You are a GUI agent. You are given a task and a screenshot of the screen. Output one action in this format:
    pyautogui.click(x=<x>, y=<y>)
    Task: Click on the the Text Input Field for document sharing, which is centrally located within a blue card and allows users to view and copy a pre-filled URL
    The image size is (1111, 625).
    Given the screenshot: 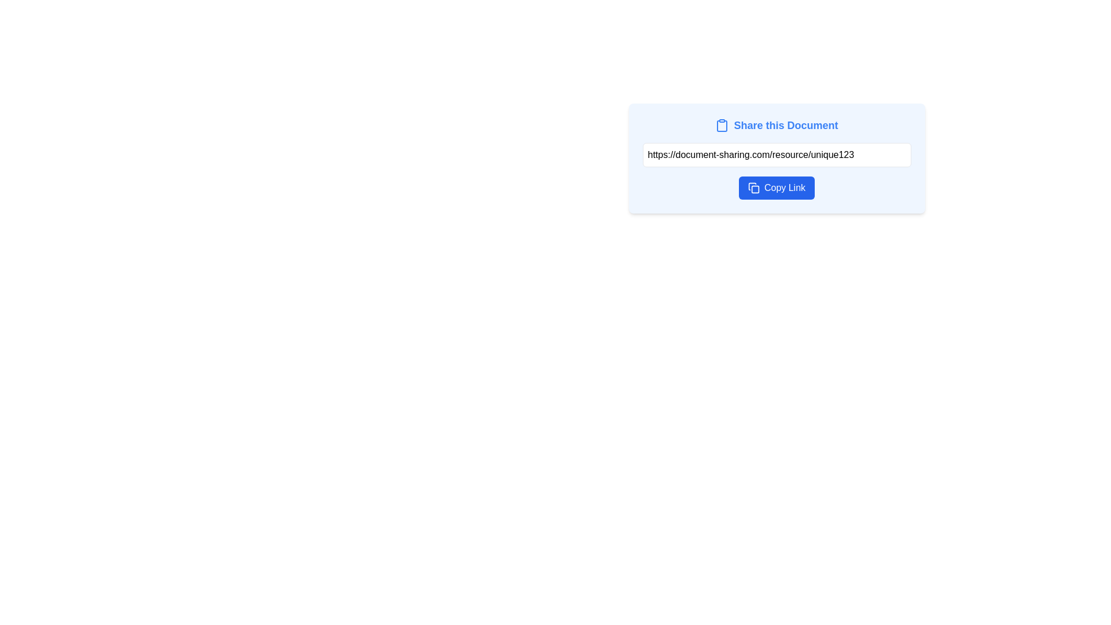 What is the action you would take?
    pyautogui.click(x=777, y=154)
    